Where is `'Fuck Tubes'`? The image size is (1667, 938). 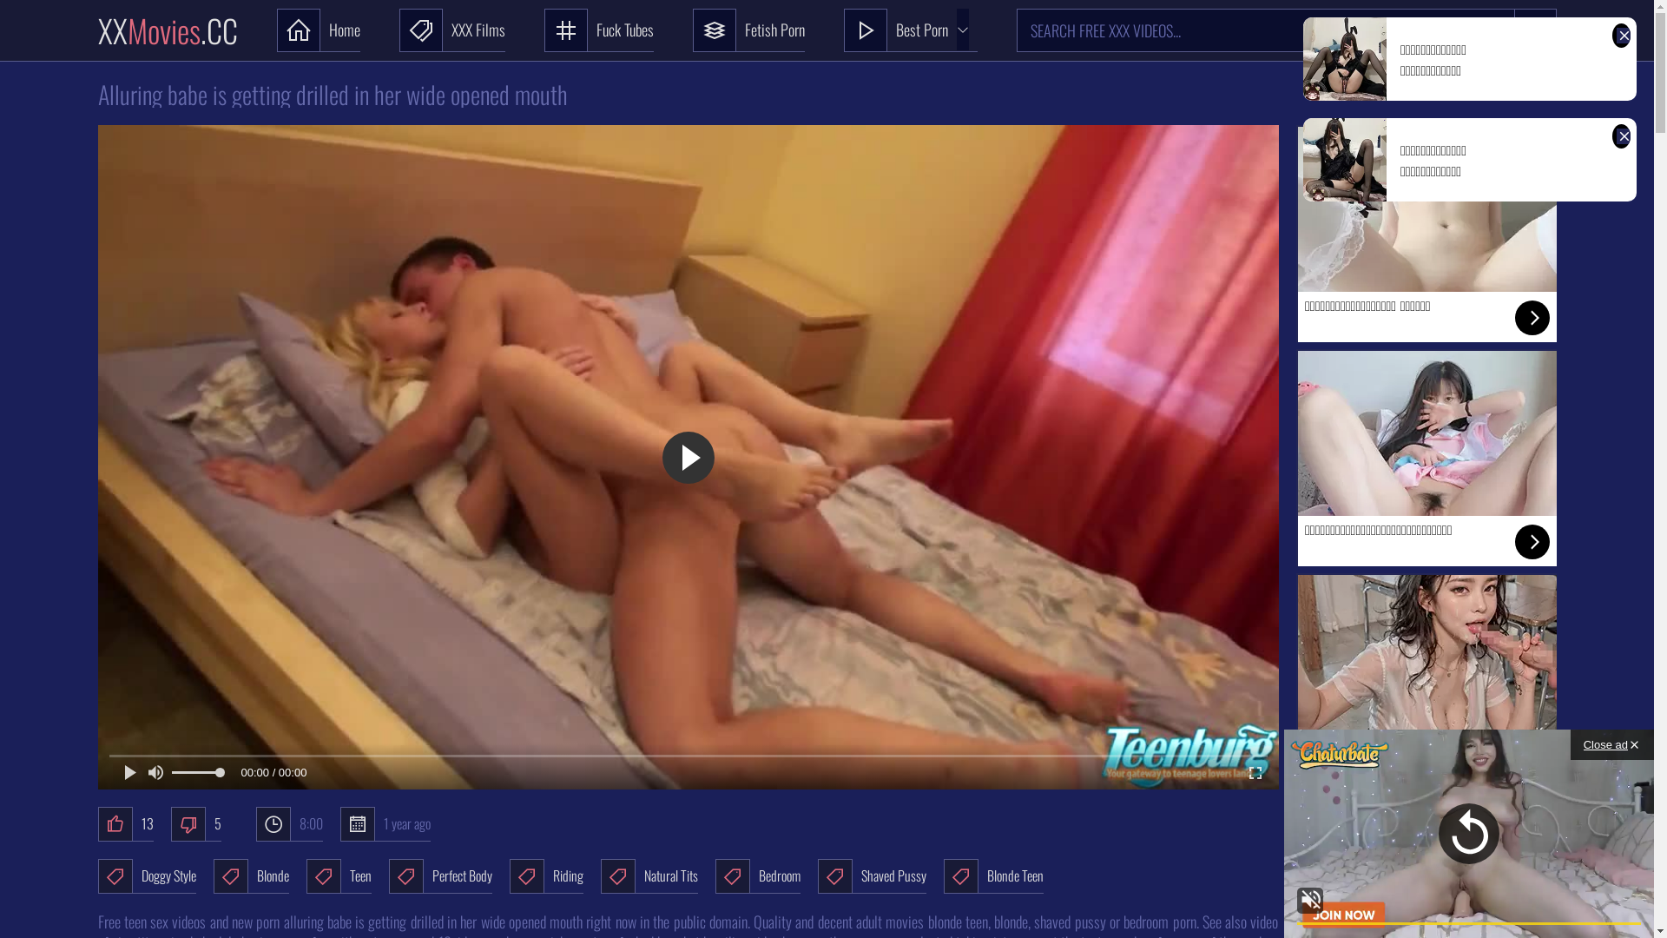
'Fuck Tubes' is located at coordinates (598, 30).